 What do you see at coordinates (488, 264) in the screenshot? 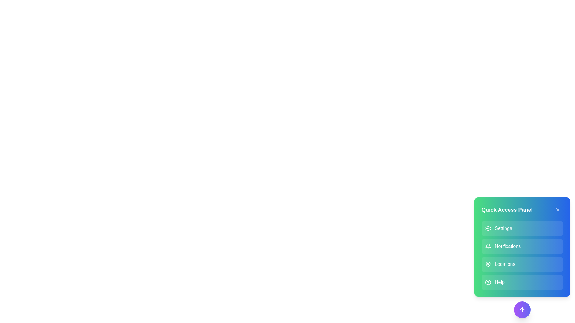
I see `the appearance of the location pin icon located in the 'Locations' menu item of the Quick Access Panel, which is styled with a no-fill interior and a stroked outline` at bounding box center [488, 264].